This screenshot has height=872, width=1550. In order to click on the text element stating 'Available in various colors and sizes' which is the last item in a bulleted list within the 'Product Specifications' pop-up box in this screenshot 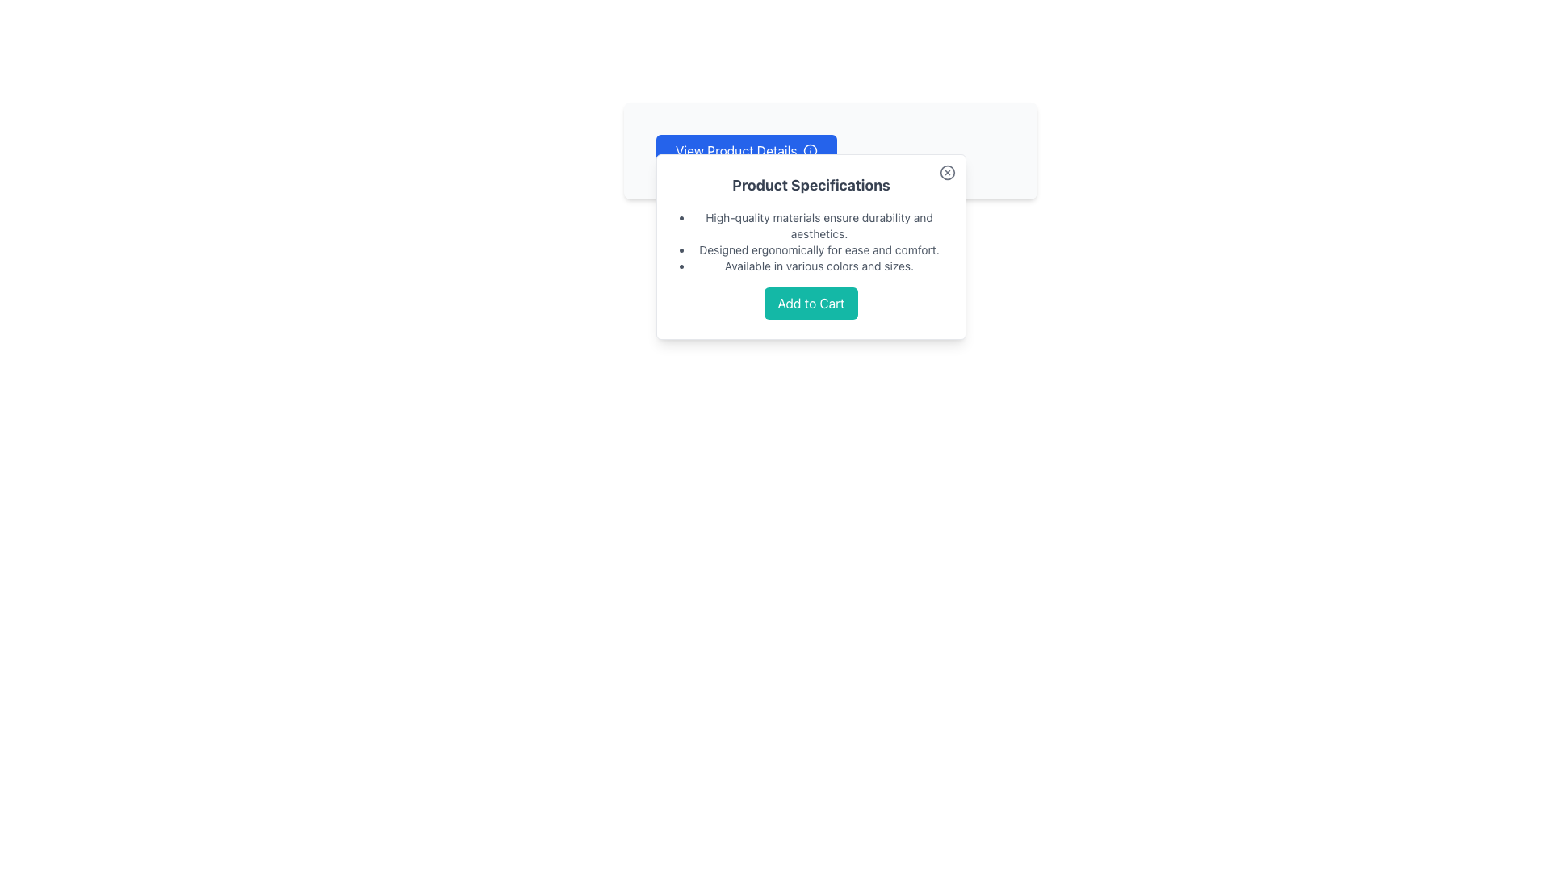, I will do `click(819, 266)`.